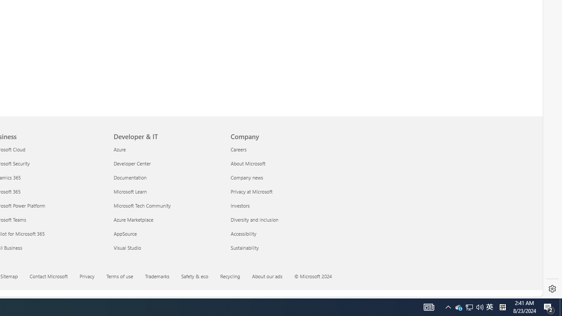 The height and width of the screenshot is (316, 562). What do you see at coordinates (284, 177) in the screenshot?
I see `'Company news'` at bounding box center [284, 177].